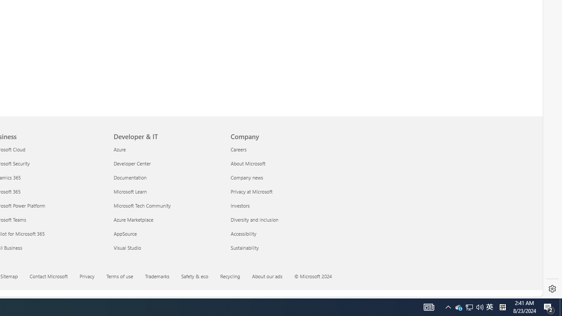 The height and width of the screenshot is (316, 562). What do you see at coordinates (284, 177) in the screenshot?
I see `'Company news'` at bounding box center [284, 177].